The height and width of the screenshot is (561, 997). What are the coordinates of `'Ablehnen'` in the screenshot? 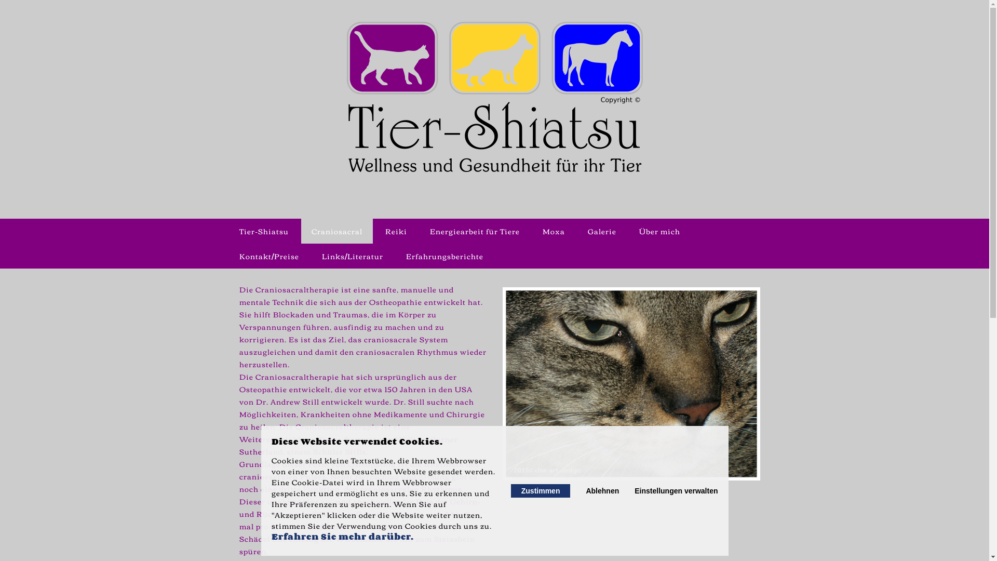 It's located at (586, 491).